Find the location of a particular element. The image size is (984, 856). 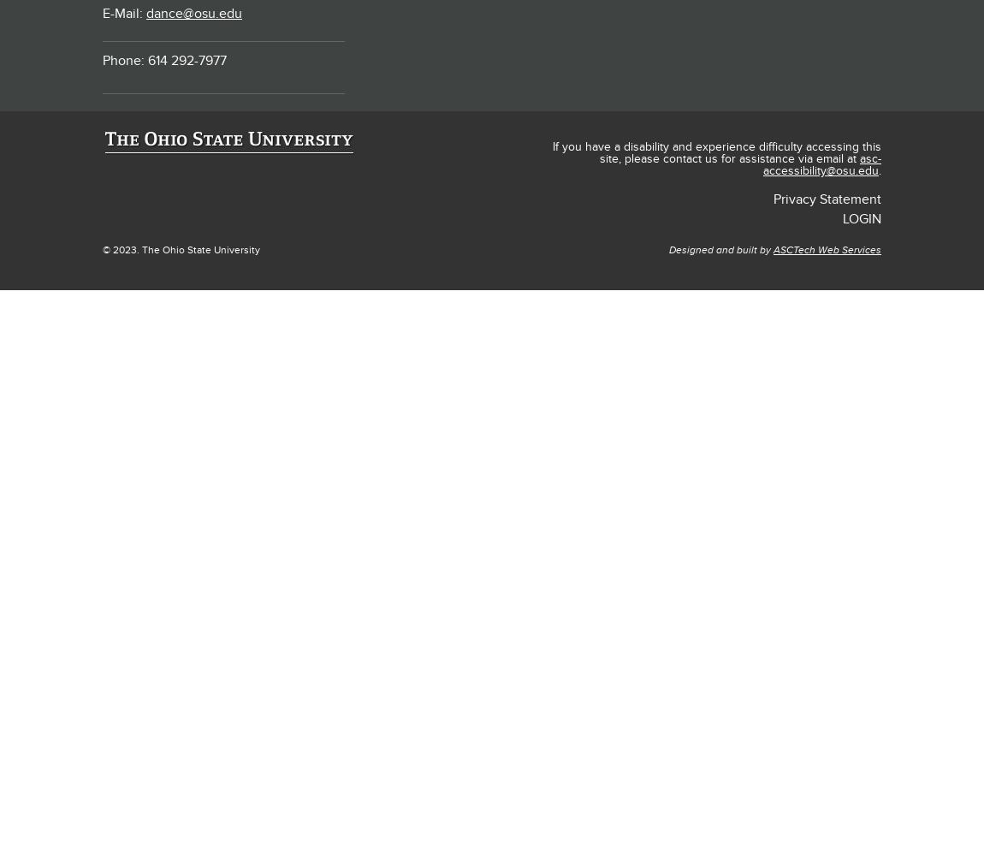

'© 2023. The Ohio State University' is located at coordinates (180, 250).